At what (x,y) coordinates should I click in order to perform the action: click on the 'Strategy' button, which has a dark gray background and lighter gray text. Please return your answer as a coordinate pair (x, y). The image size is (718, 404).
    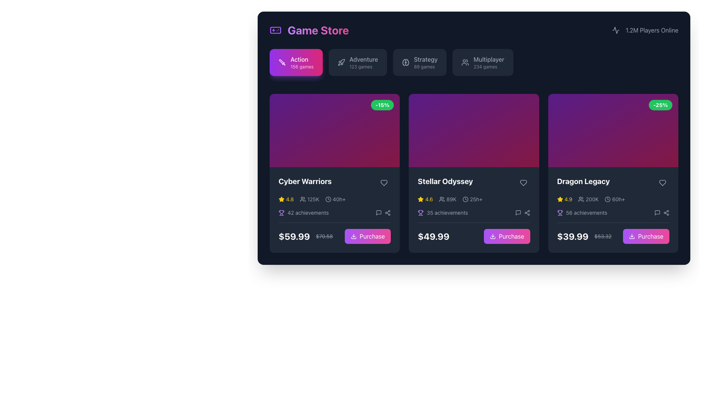
    Looking at the image, I should click on (420, 62).